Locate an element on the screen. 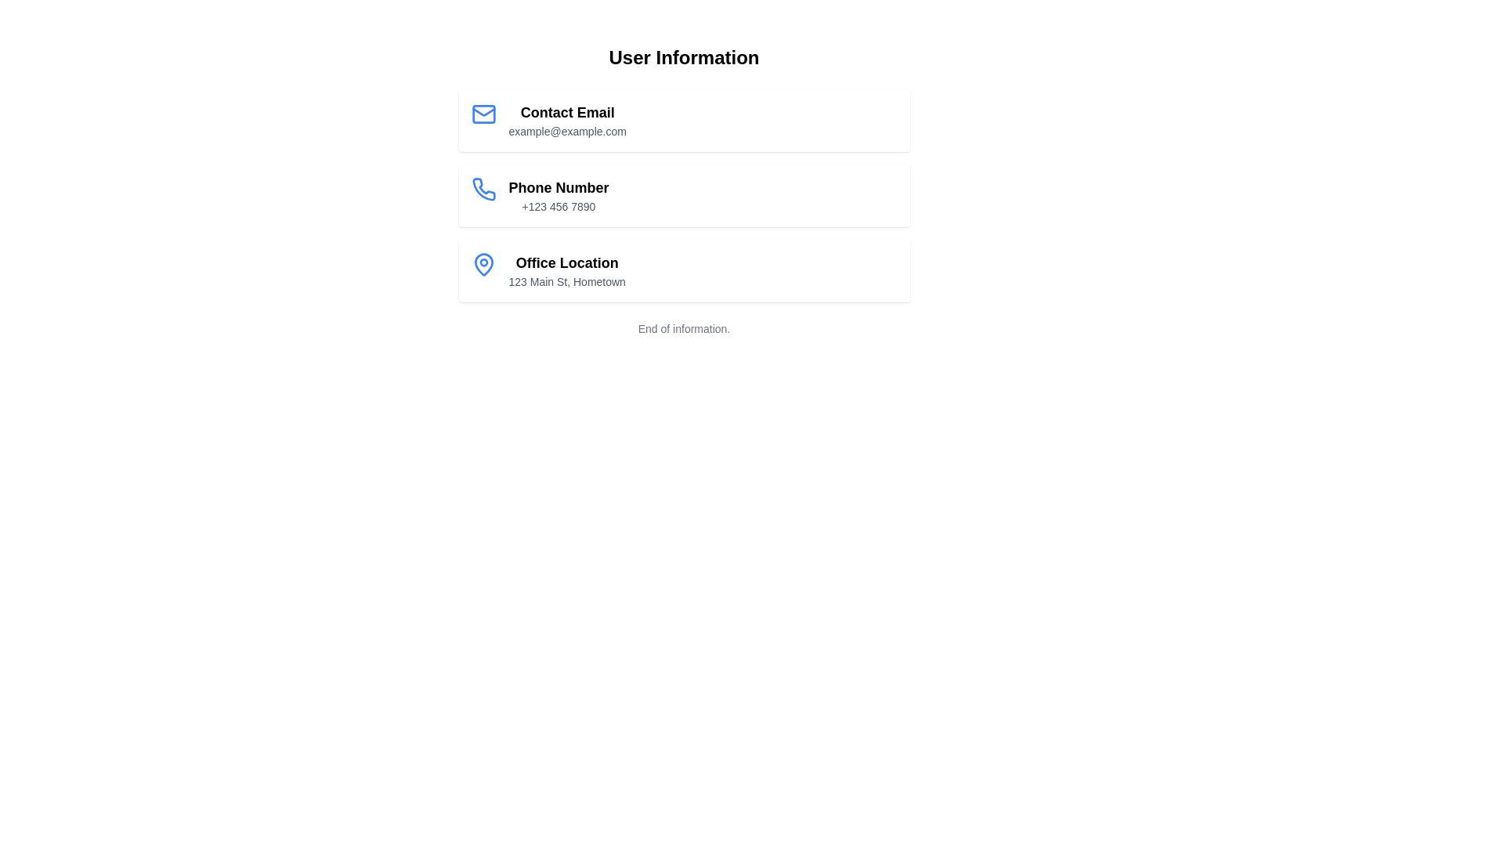 This screenshot has width=1504, height=846. the text block containing the title 'Phone Number' and the formatted phone number '+123 456 7890' to possibly reveal additional options is located at coordinates (559, 195).